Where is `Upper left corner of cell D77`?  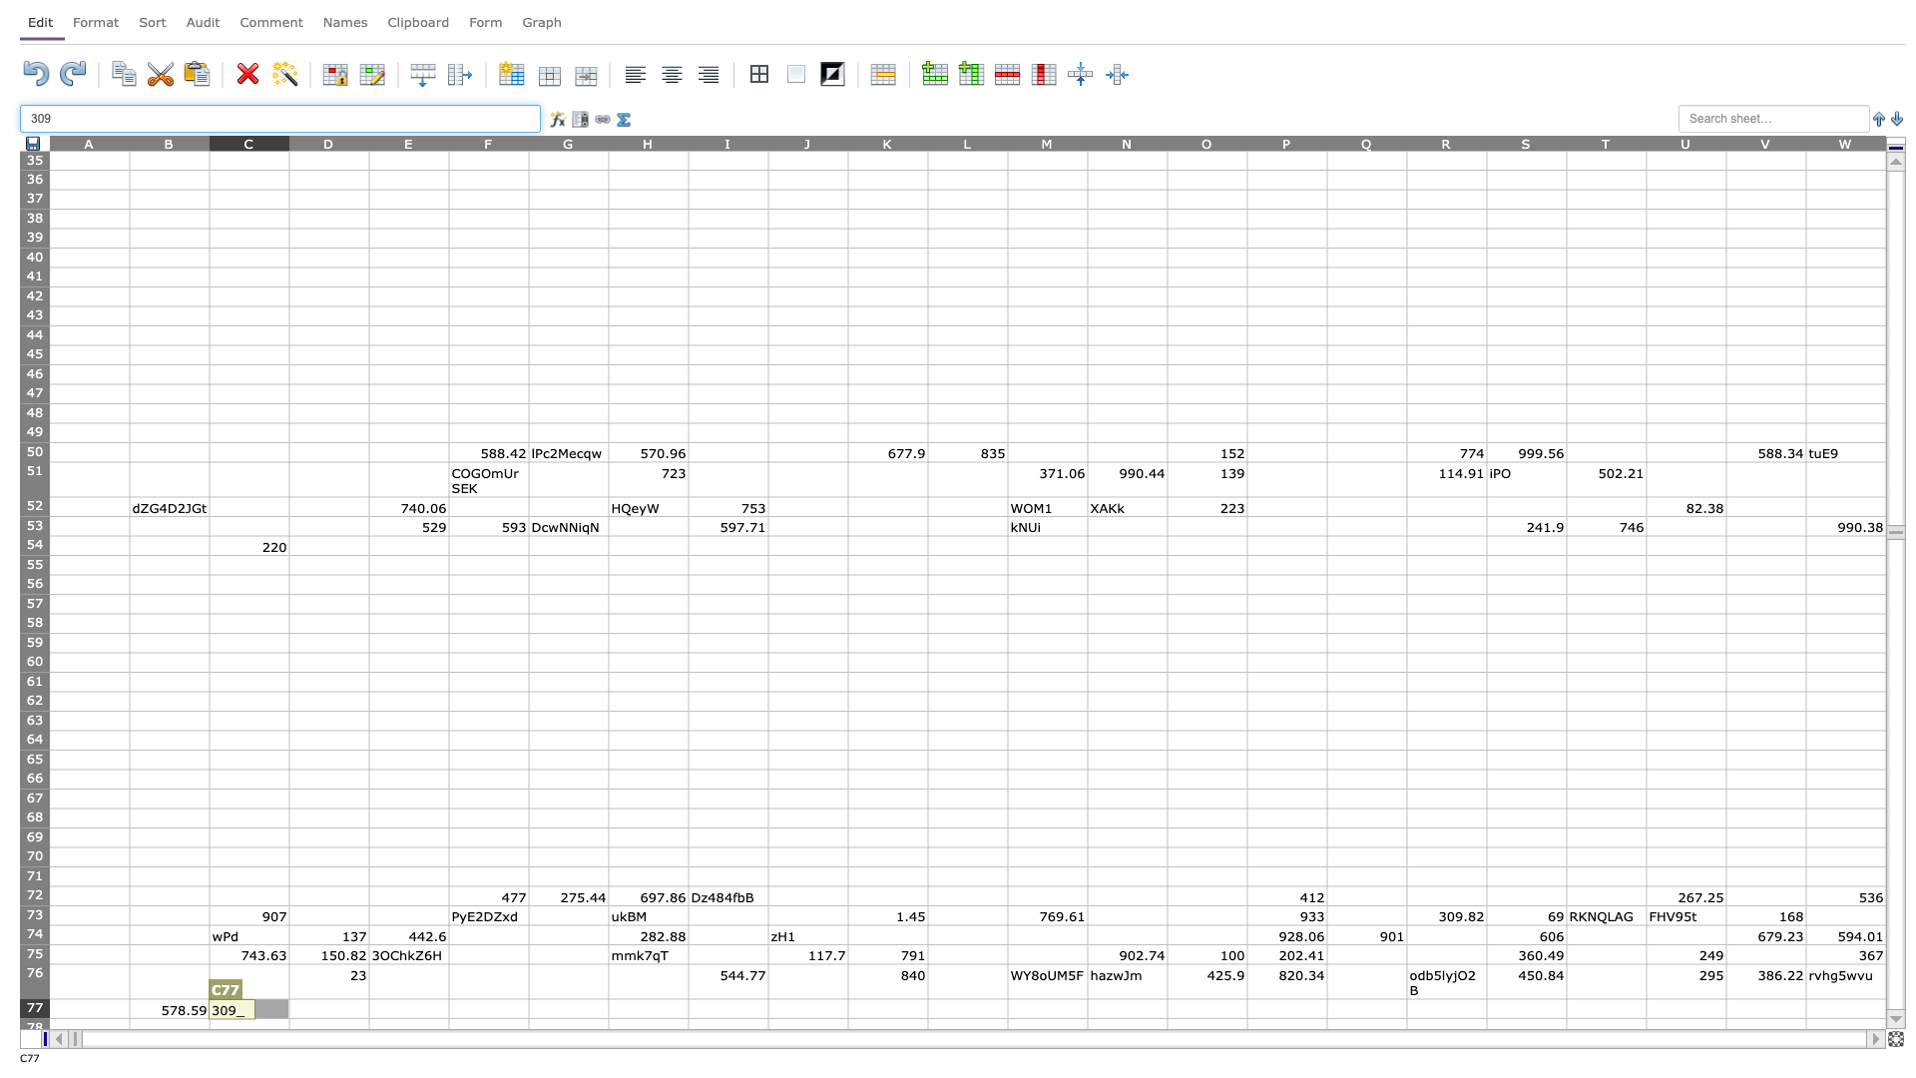 Upper left corner of cell D77 is located at coordinates (287, 999).